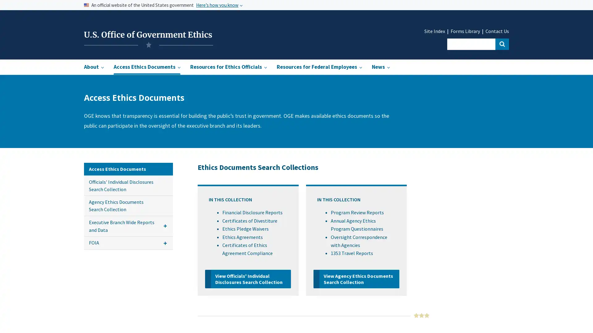  Describe the element at coordinates (219, 5) in the screenshot. I see `Heres how you know` at that location.